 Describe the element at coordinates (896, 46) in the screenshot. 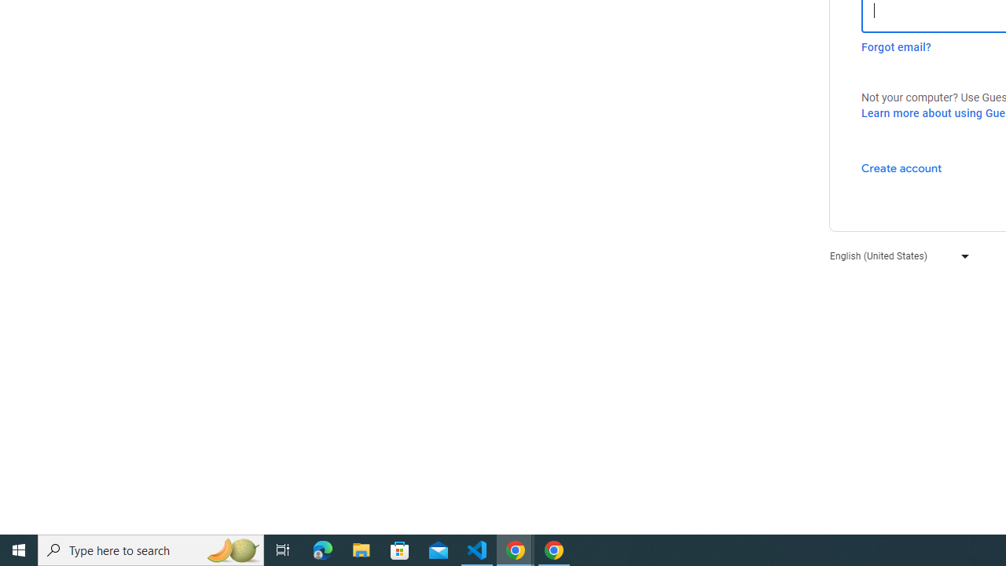

I see `'Forgot email?'` at that location.